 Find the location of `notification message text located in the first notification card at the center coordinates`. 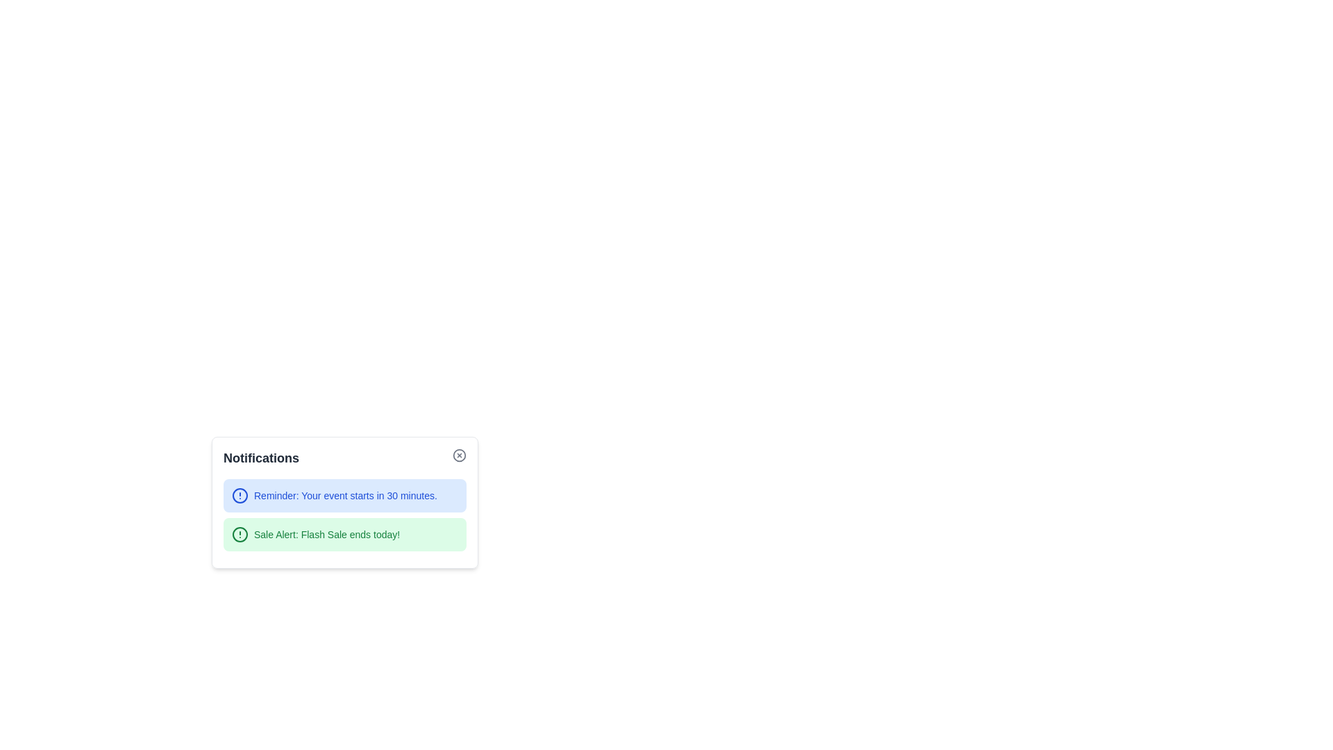

notification message text located in the first notification card at the center coordinates is located at coordinates (345, 494).